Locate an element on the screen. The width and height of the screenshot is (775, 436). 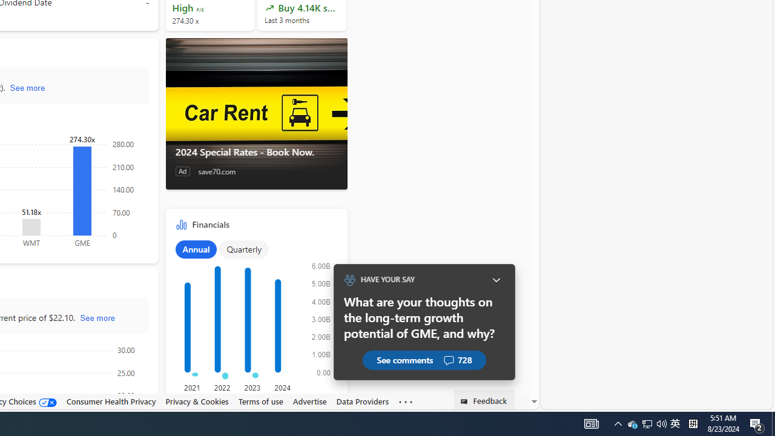
'Annual' is located at coordinates (196, 248).